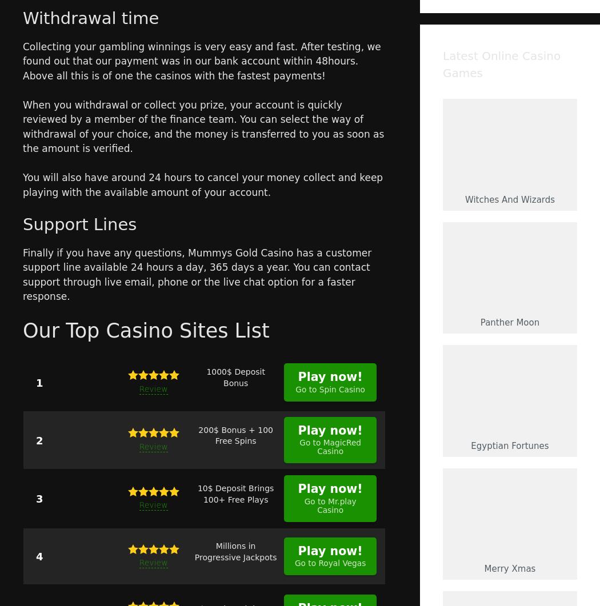  Describe the element at coordinates (509, 446) in the screenshot. I see `'Egyptian fortunes'` at that location.